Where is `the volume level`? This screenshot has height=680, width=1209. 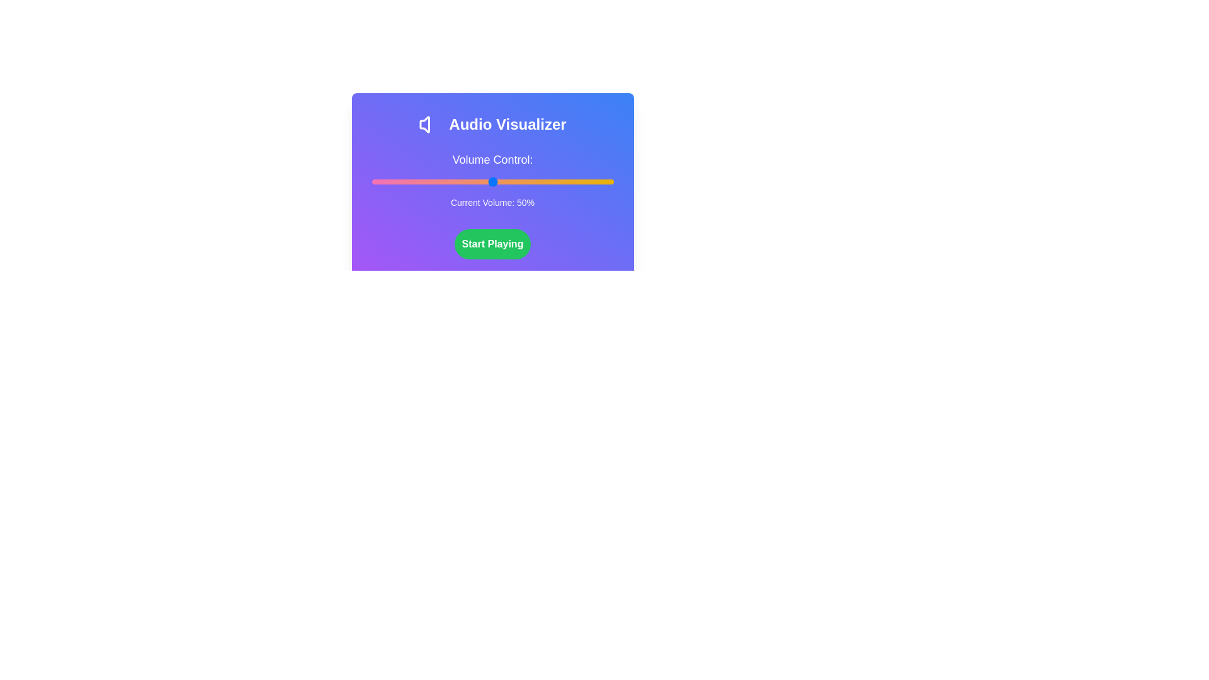
the volume level is located at coordinates (455, 182).